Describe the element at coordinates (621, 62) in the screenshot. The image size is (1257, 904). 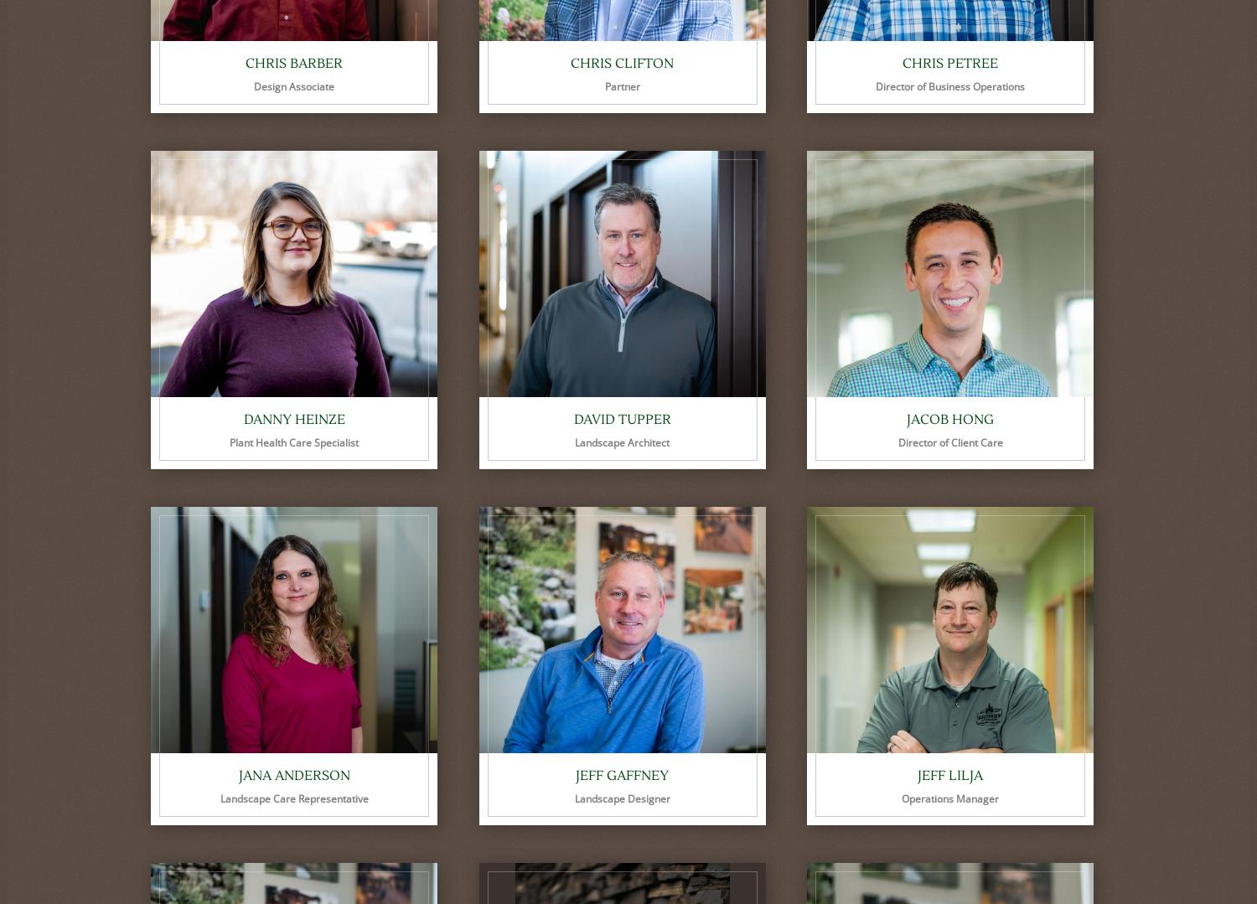
I see `'Chris Clifton'` at that location.